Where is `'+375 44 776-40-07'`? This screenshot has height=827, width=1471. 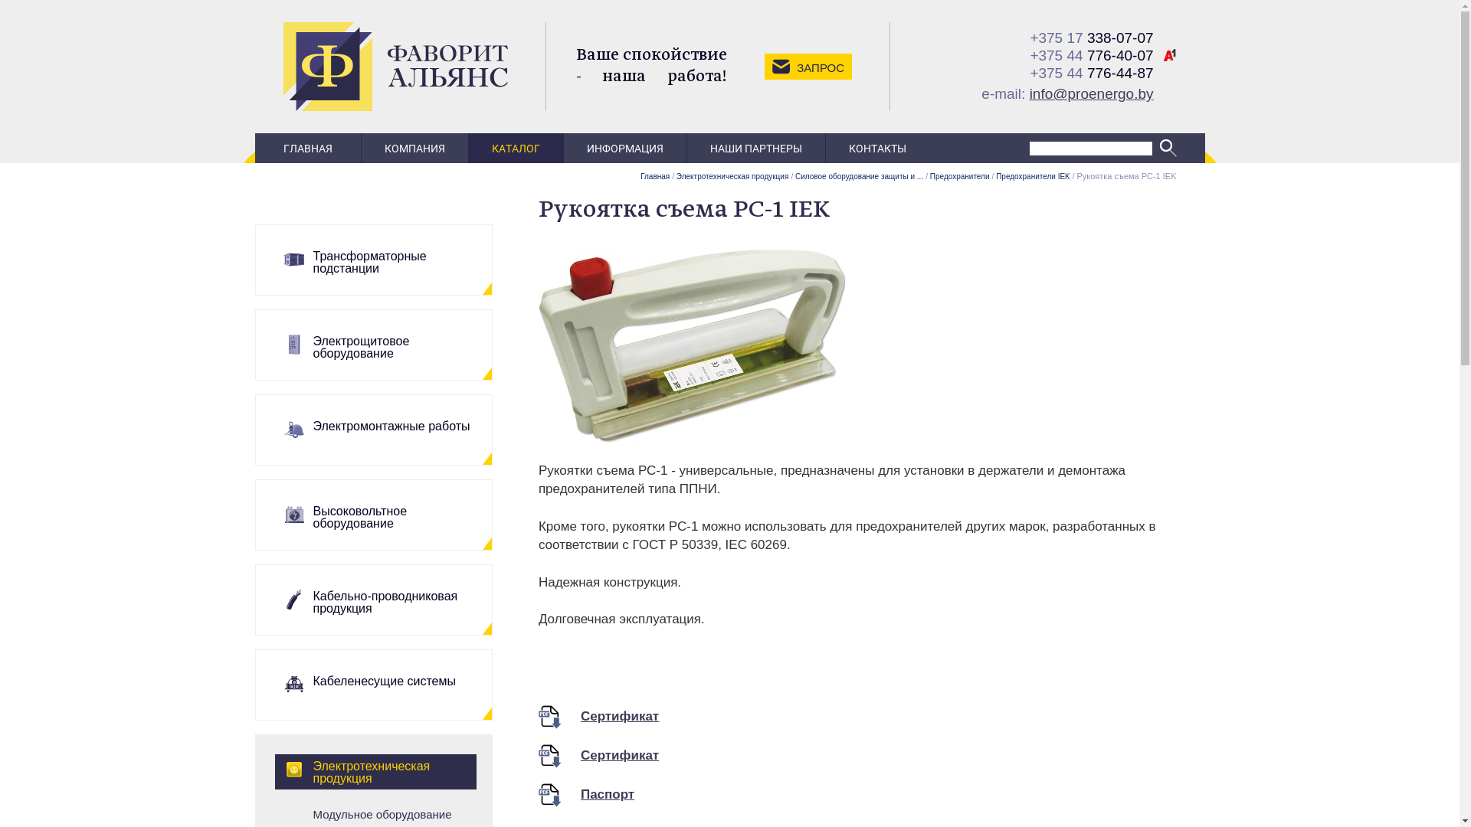 '+375 44 776-40-07' is located at coordinates (1090, 54).